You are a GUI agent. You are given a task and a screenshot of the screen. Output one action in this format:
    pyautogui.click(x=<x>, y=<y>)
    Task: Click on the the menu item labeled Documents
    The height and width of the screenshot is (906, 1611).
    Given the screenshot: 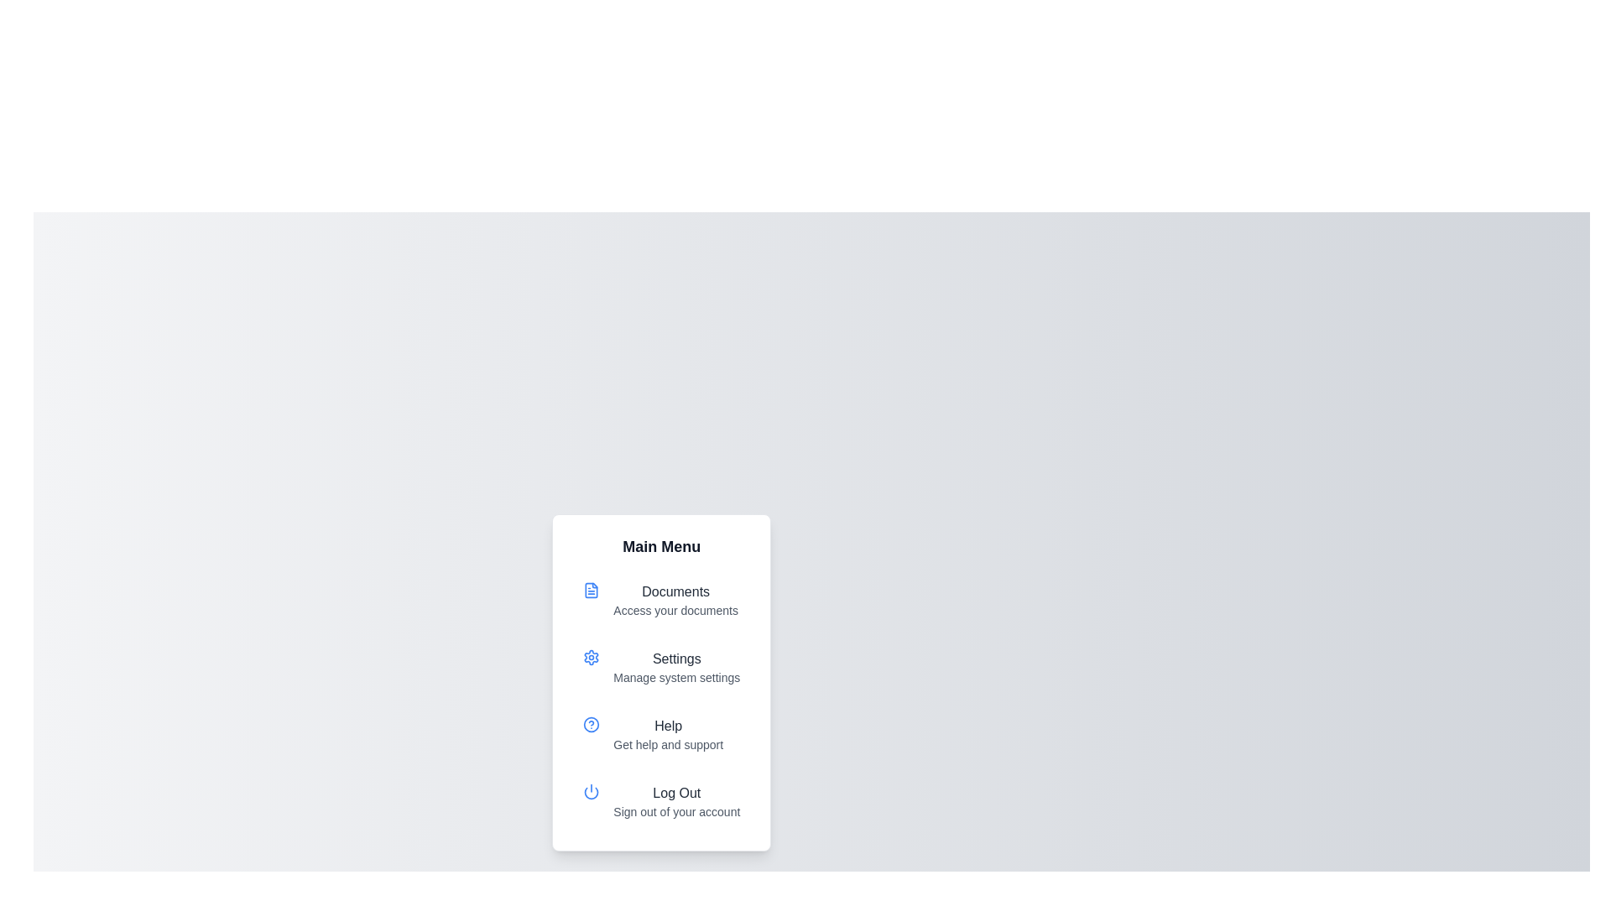 What is the action you would take?
    pyautogui.click(x=660, y=600)
    